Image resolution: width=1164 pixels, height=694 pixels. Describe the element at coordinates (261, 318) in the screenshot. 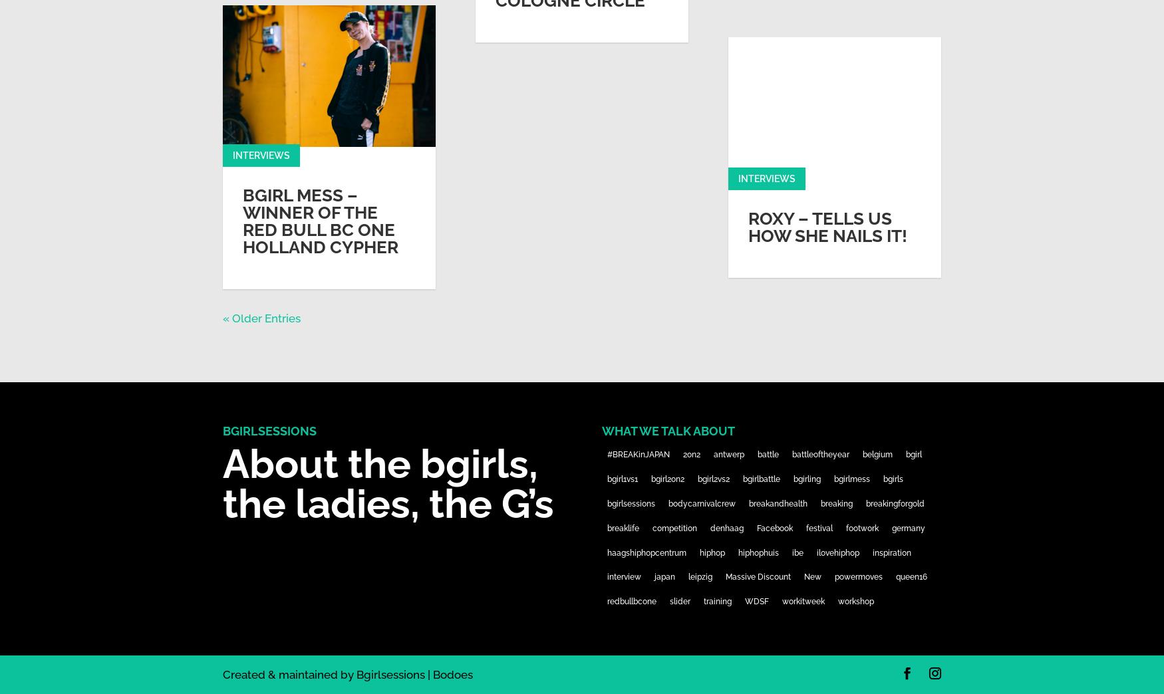

I see `'« Older Entries'` at that location.